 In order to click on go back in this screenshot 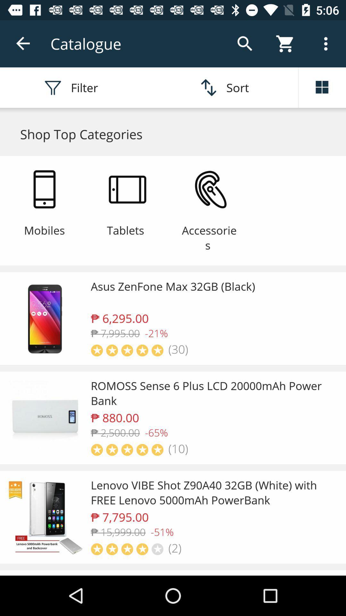, I will do `click(23, 43)`.